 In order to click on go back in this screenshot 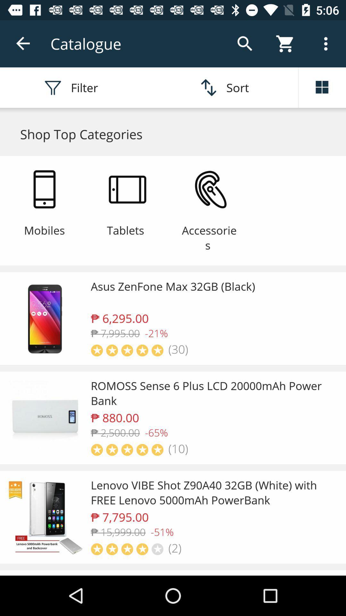, I will do `click(23, 43)`.